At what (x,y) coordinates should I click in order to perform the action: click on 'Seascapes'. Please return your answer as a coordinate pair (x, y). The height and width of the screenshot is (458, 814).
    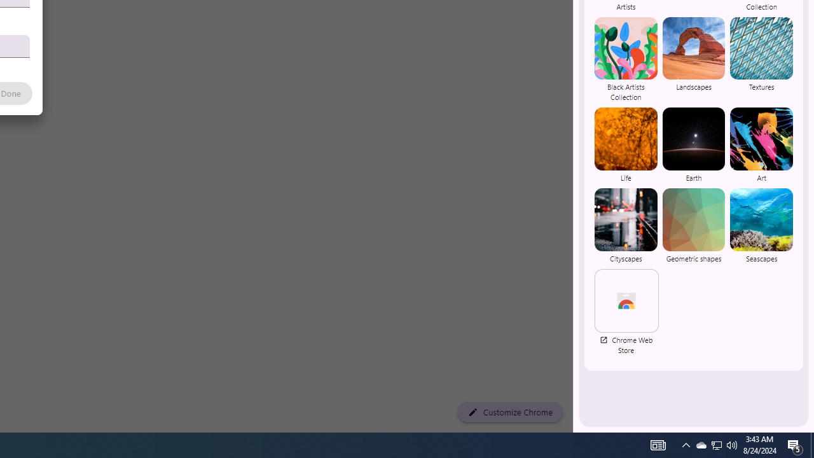
    Looking at the image, I should click on (761, 225).